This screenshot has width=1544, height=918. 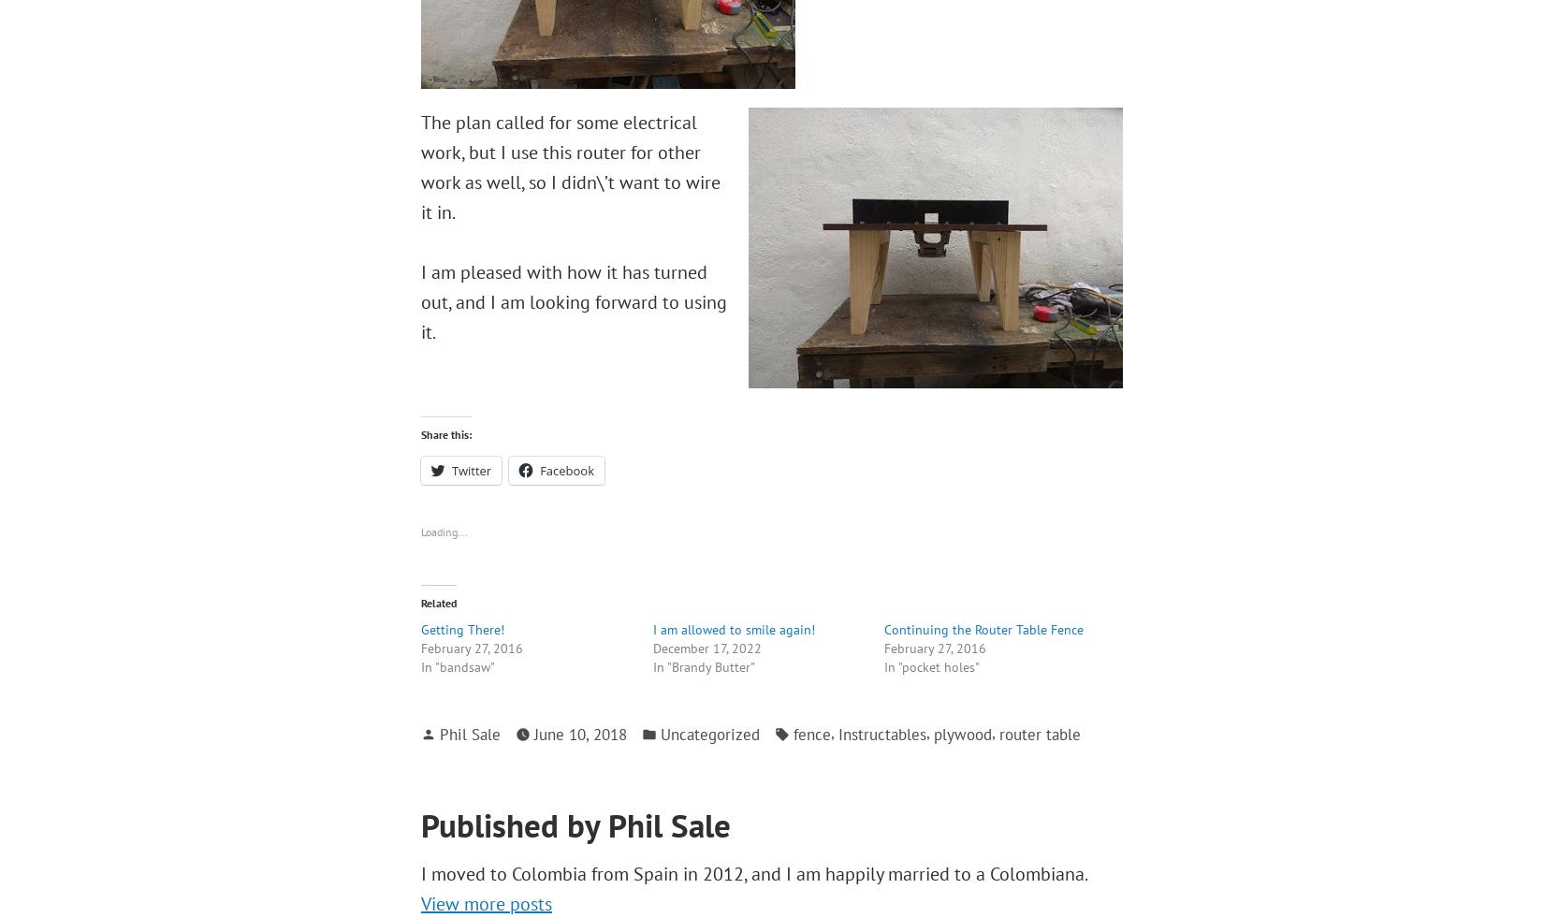 I want to click on 'plywood', so click(x=962, y=733).